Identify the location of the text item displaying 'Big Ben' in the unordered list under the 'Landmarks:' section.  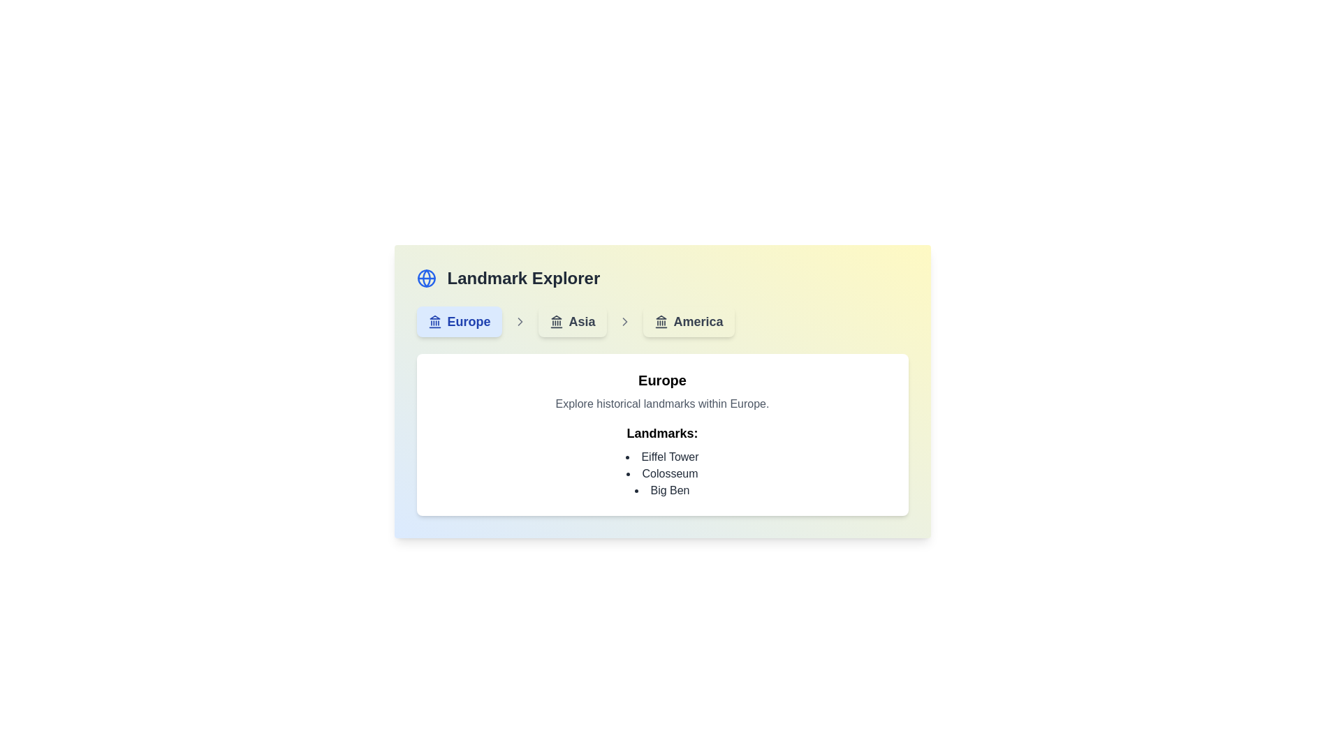
(661, 489).